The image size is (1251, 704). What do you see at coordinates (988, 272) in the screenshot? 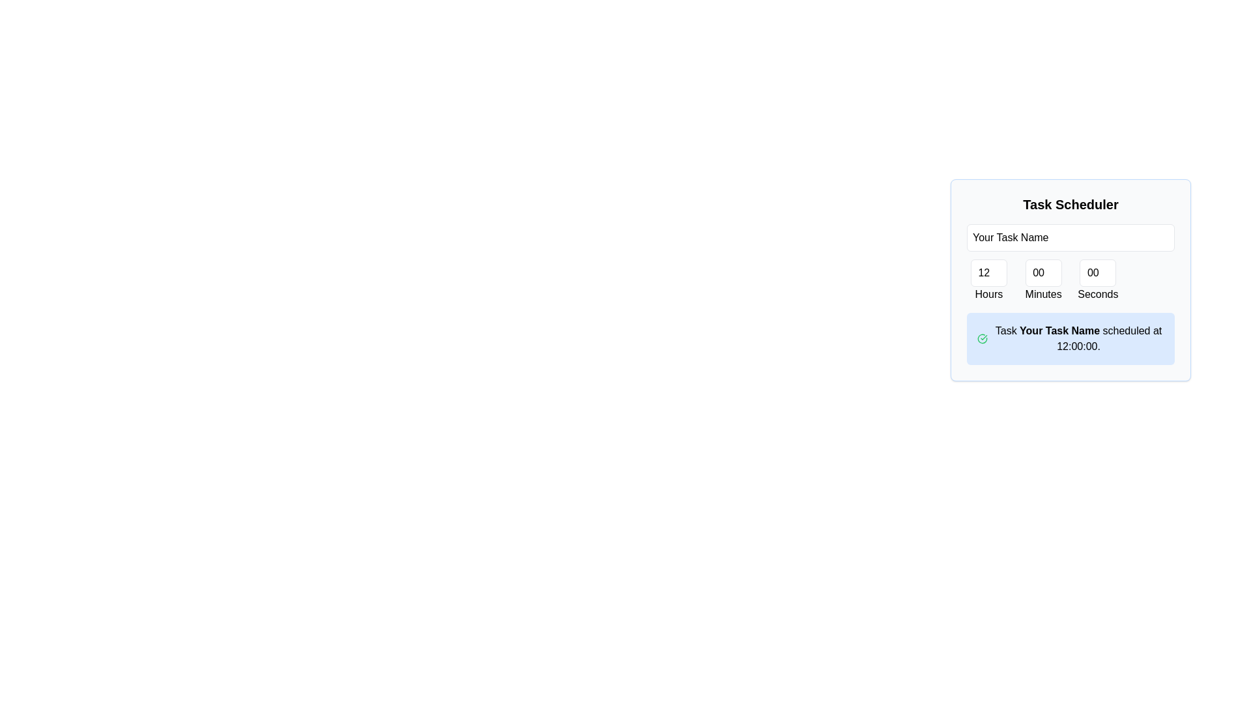
I see `the numeric input box for hours to focus on it` at bounding box center [988, 272].